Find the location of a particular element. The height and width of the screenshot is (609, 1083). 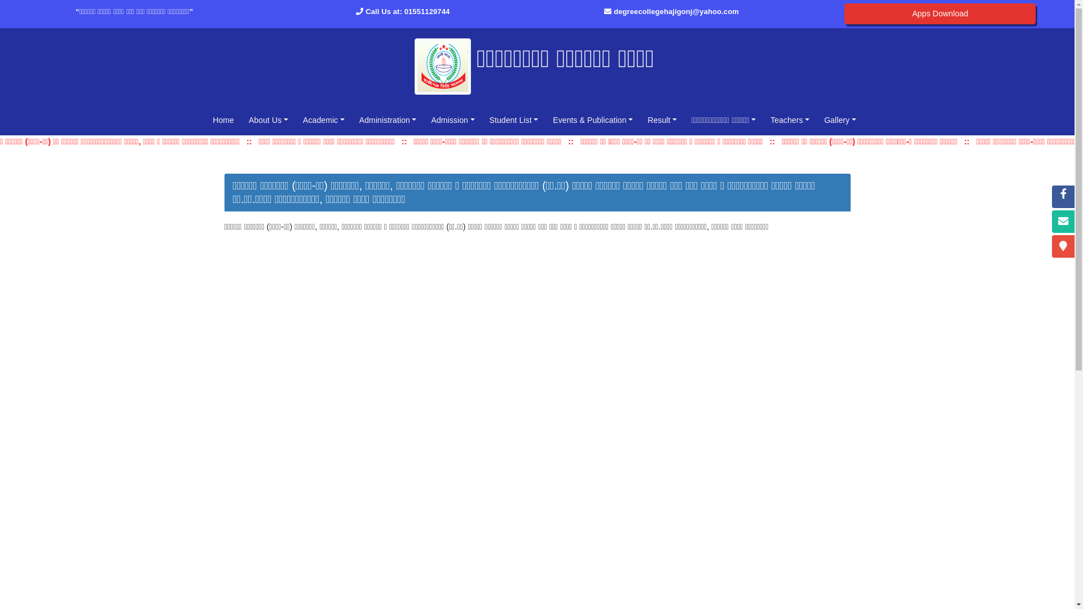

'Home is located at coordinates (223, 120).